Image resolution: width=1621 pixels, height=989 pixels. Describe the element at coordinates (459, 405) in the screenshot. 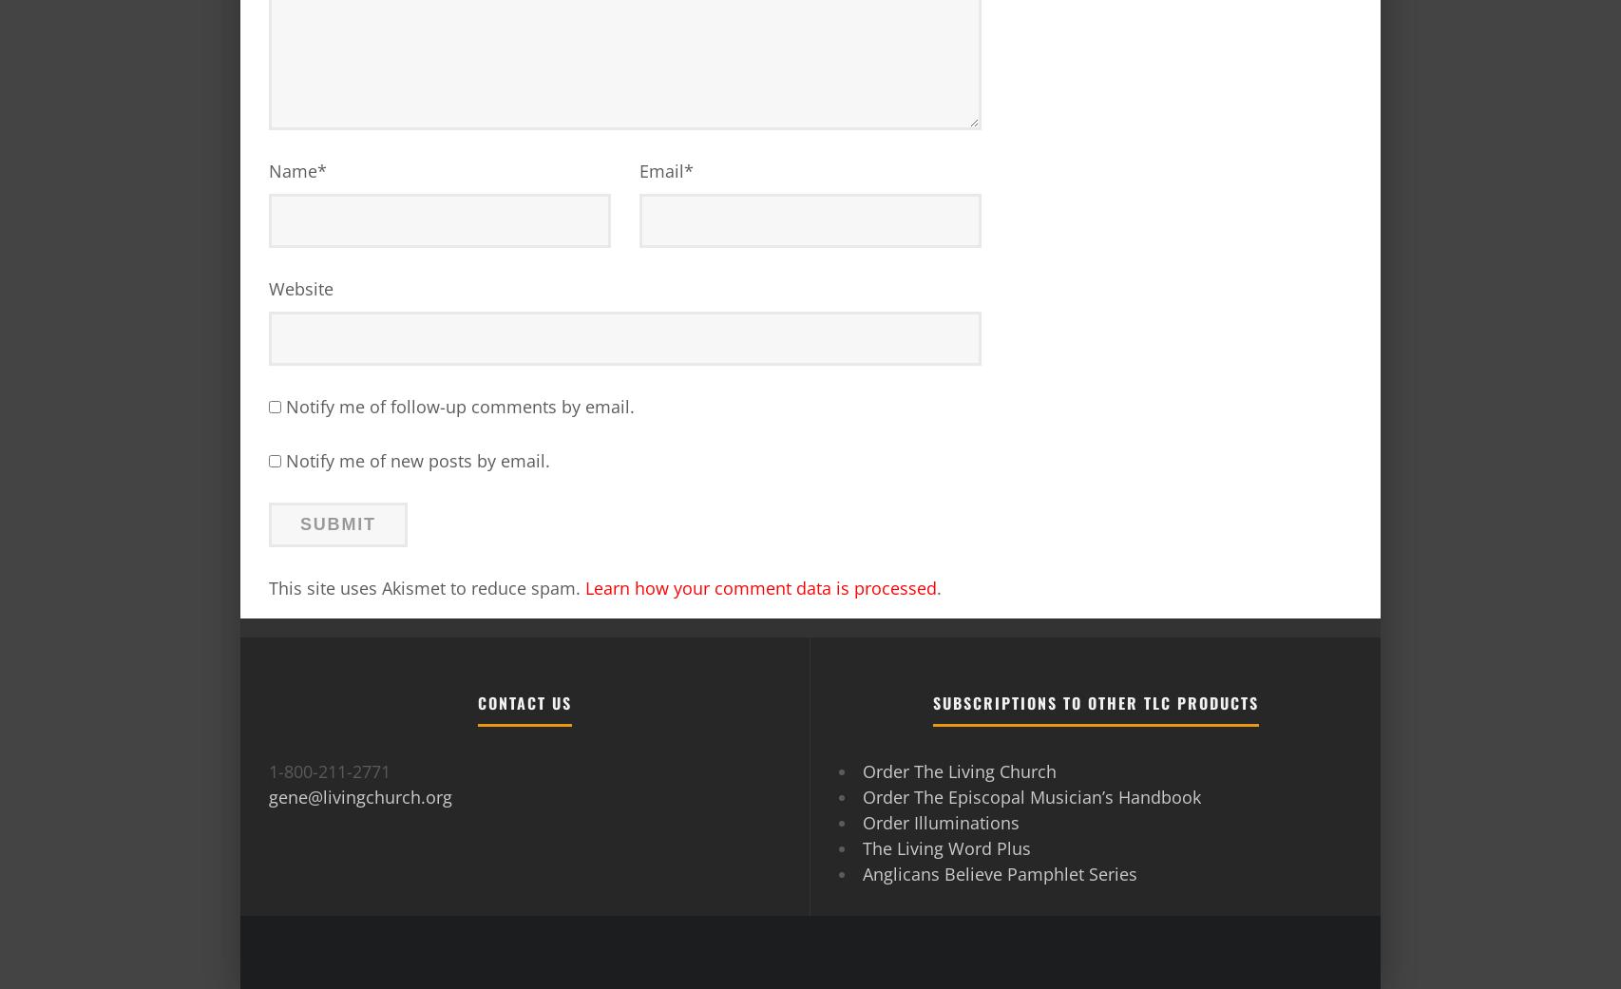

I see `'Notify me of follow-up comments by email.'` at that location.